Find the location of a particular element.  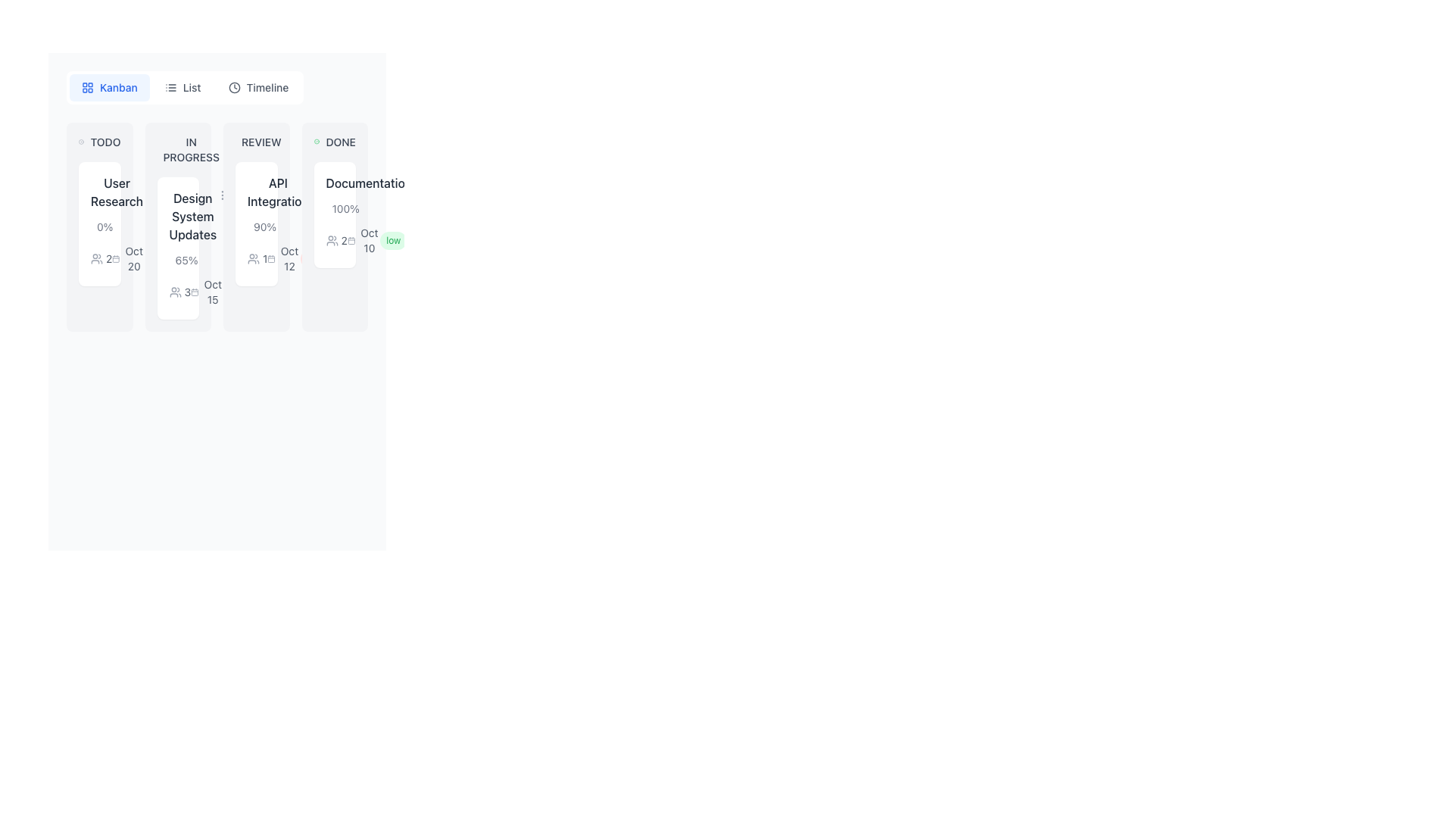

the first icon to the left of the text 'TODO' in the Kanban-like board structure is located at coordinates (80, 142).